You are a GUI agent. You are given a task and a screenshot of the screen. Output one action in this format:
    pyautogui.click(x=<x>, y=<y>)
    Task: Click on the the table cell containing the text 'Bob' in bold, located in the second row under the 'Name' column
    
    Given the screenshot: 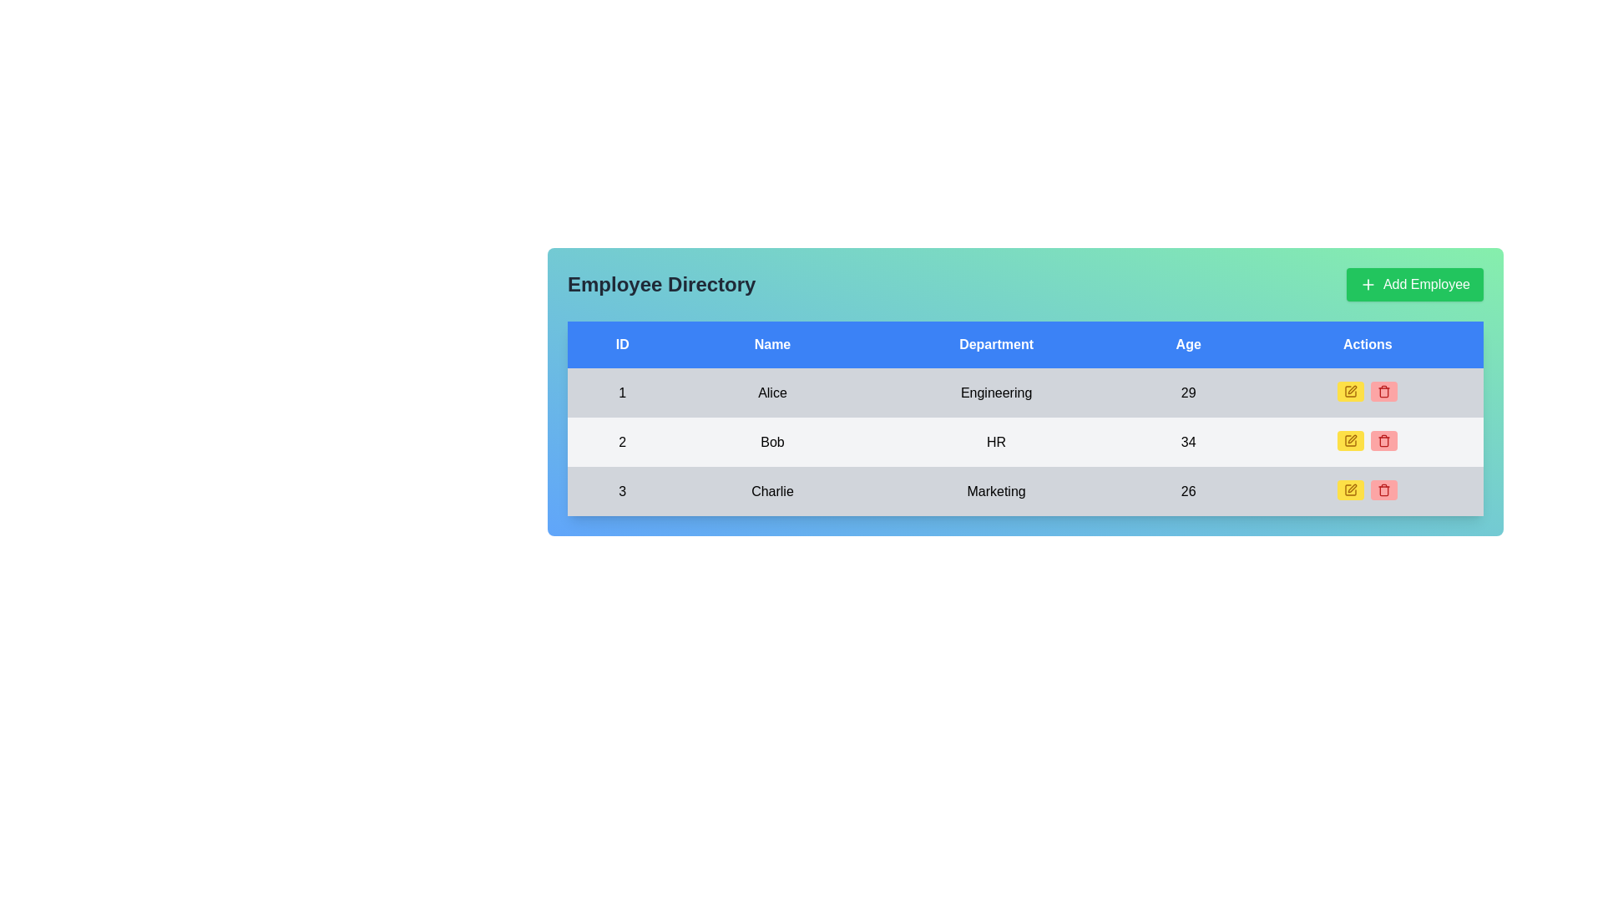 What is the action you would take?
    pyautogui.click(x=771, y=441)
    